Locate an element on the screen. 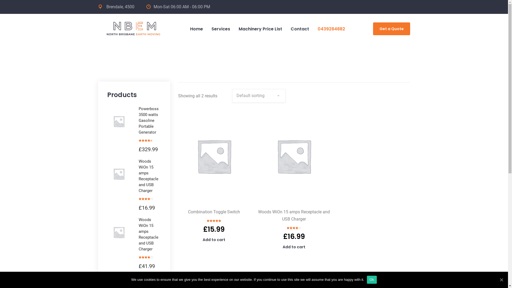 This screenshot has width=512, height=288. 'Woods WiOn 15 amps Receptacle and USB Charger' is located at coordinates (294, 215).